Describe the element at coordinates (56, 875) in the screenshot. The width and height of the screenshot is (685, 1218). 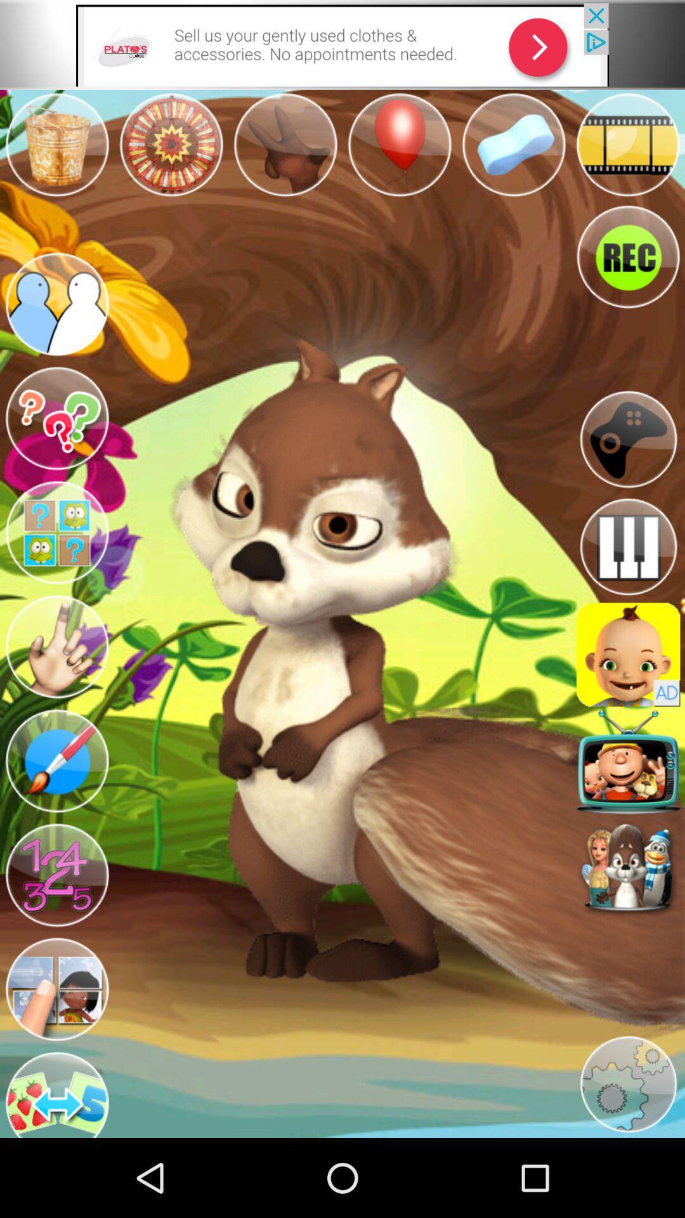
I see `numbers` at that location.